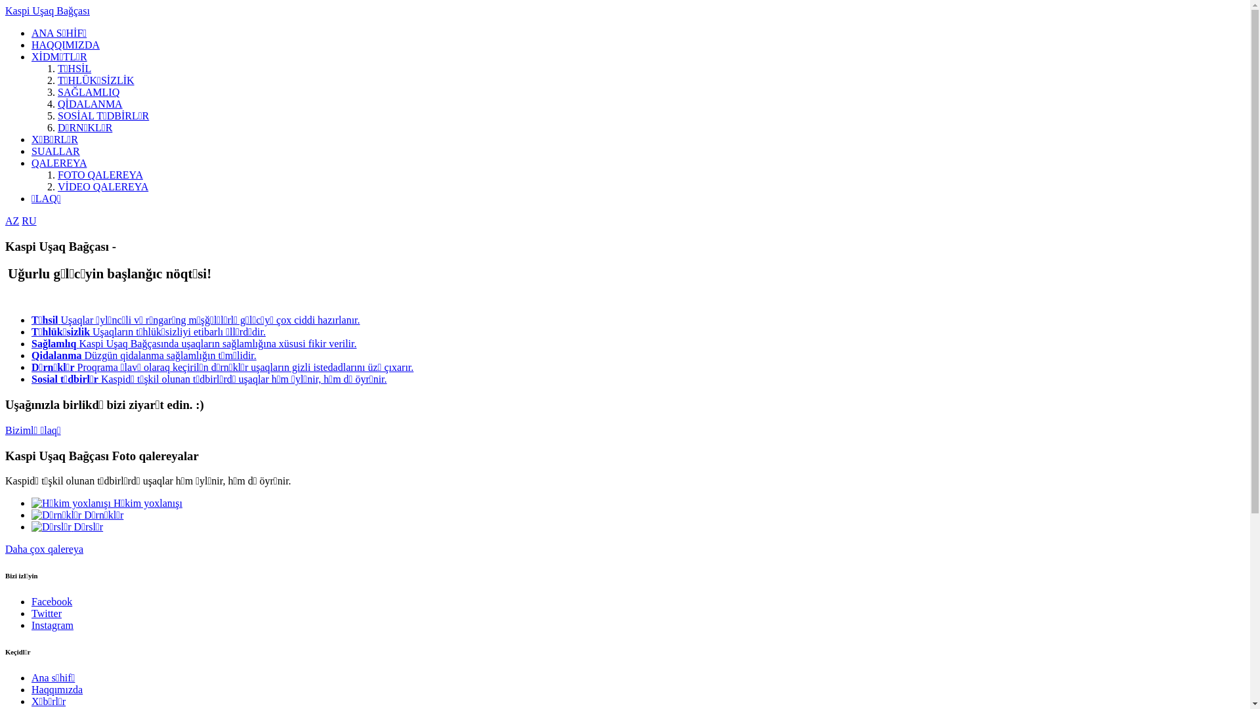 This screenshot has width=1260, height=709. Describe the element at coordinates (65, 44) in the screenshot. I see `'HAQQIMIZDA'` at that location.